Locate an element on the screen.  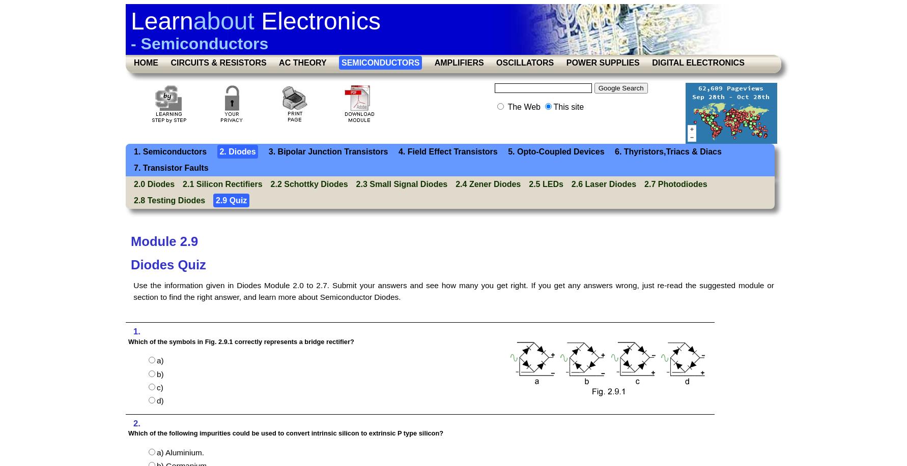
'Use the information given in Diodes Module 2.0 to 2.7. Submit your answers and see how many you get right. If you get any answers wrong, just re-read the suggested module or section to find the right answer, and learn more about Semiconductor Diodes.' is located at coordinates (133, 291).